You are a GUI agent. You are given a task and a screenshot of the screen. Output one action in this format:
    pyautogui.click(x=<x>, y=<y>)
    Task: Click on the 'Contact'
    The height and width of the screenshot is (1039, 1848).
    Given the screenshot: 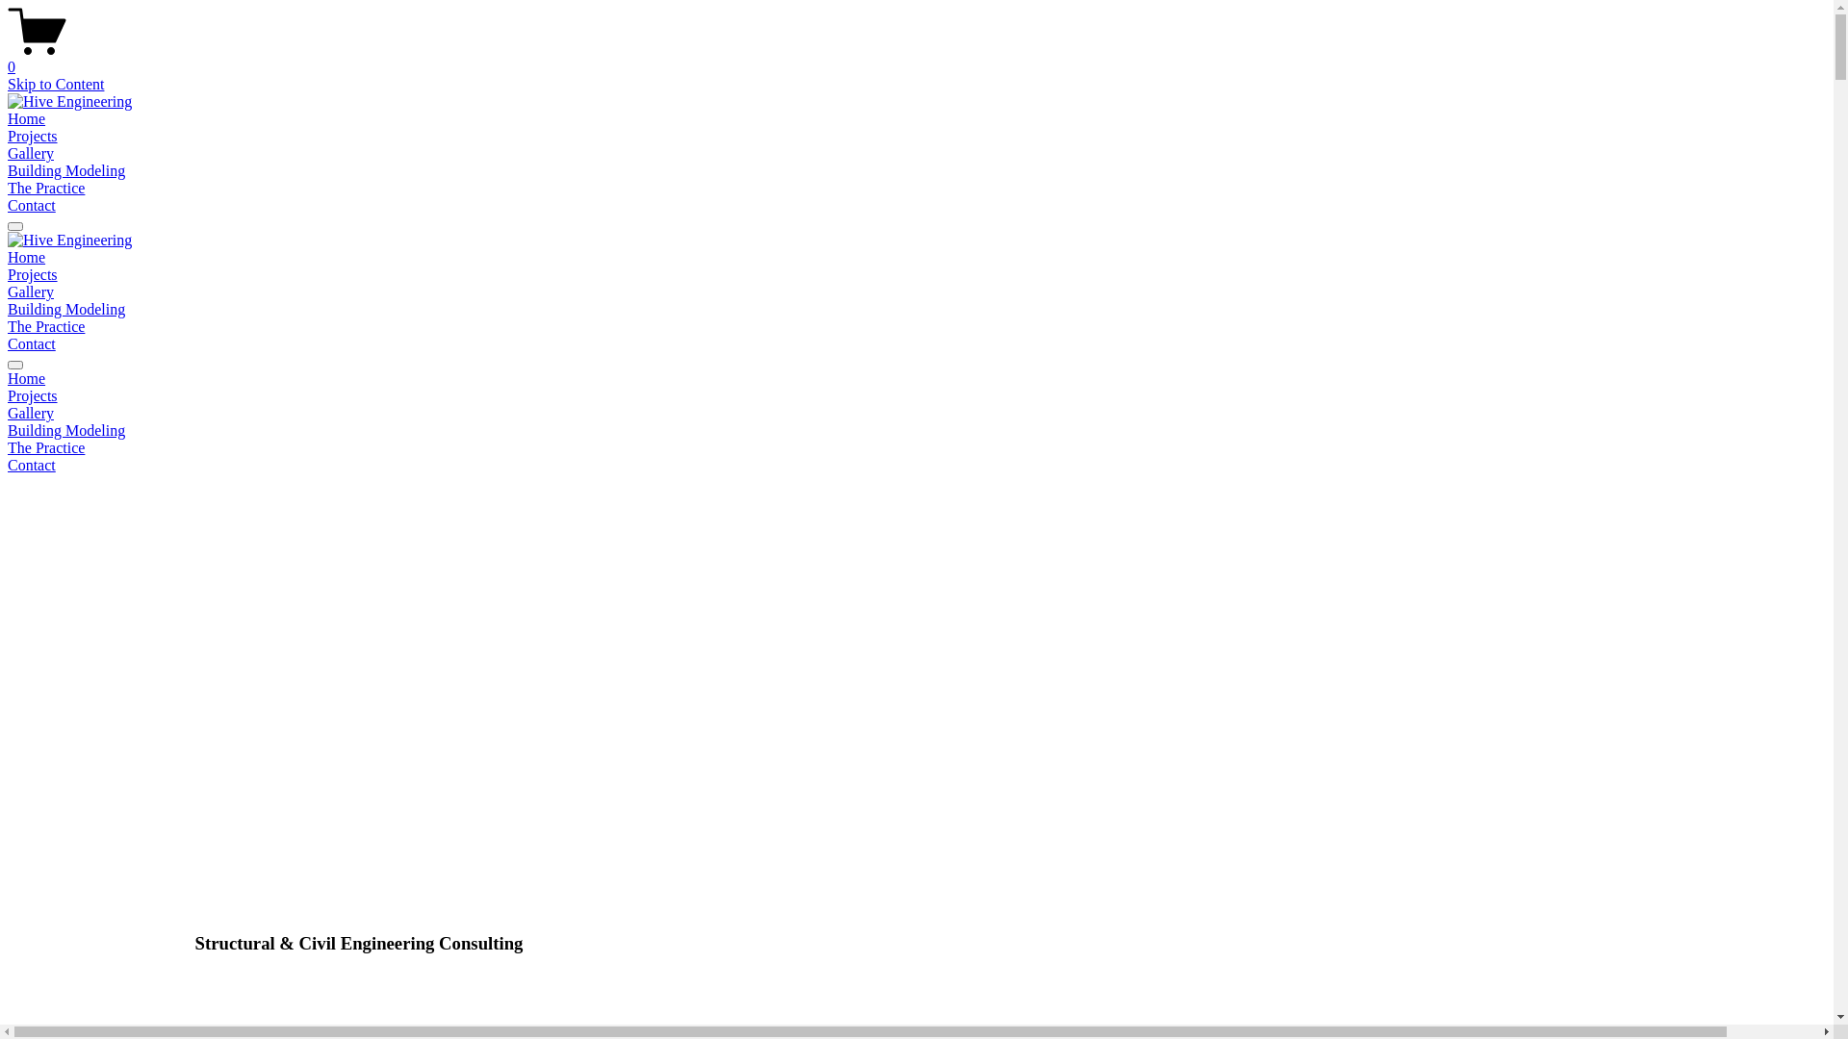 What is the action you would take?
    pyautogui.click(x=8, y=205)
    